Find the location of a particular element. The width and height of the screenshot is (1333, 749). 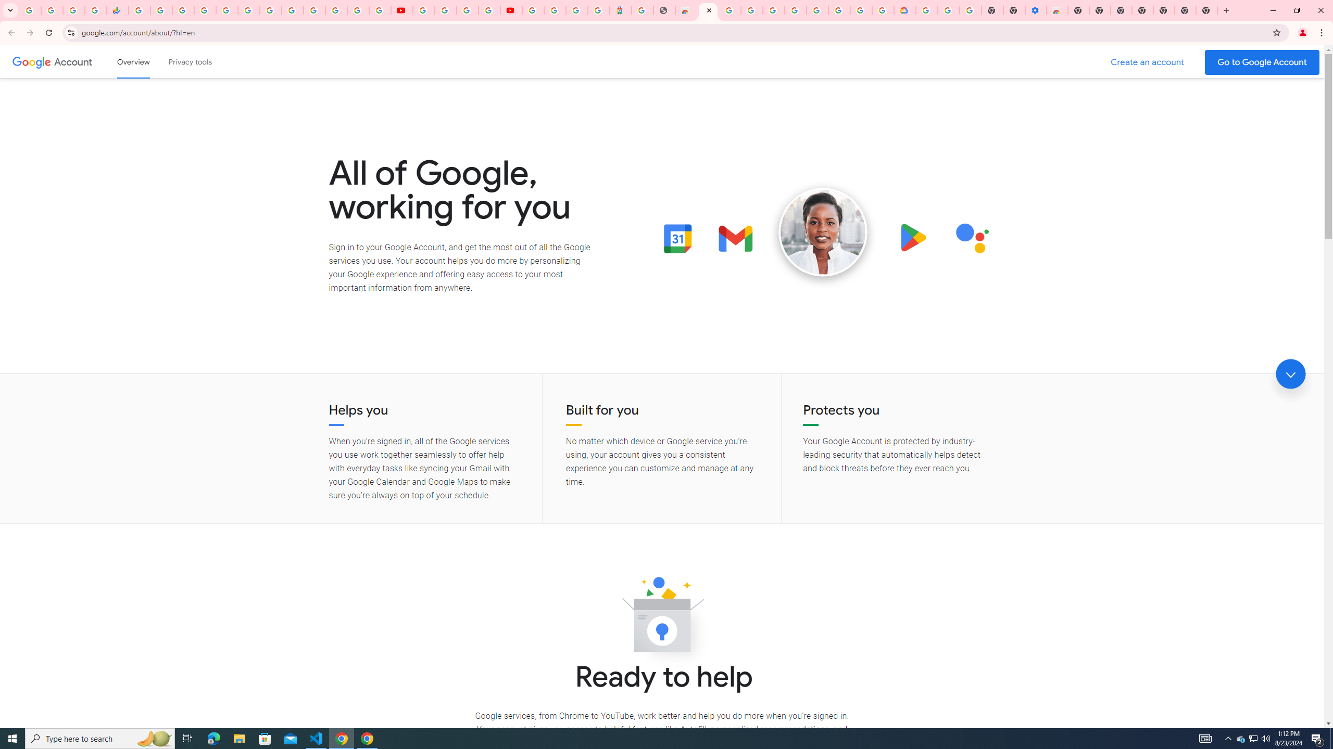

'Android TV Policies and Guidelines - Transparency Center' is located at coordinates (270, 10).